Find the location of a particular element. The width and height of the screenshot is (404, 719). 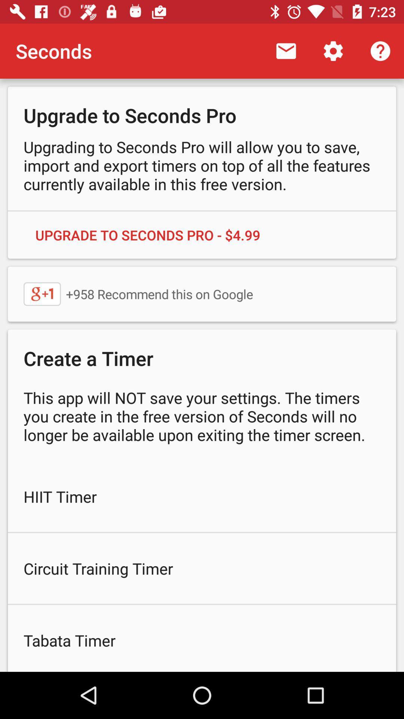

hiit timer item is located at coordinates (202, 496).